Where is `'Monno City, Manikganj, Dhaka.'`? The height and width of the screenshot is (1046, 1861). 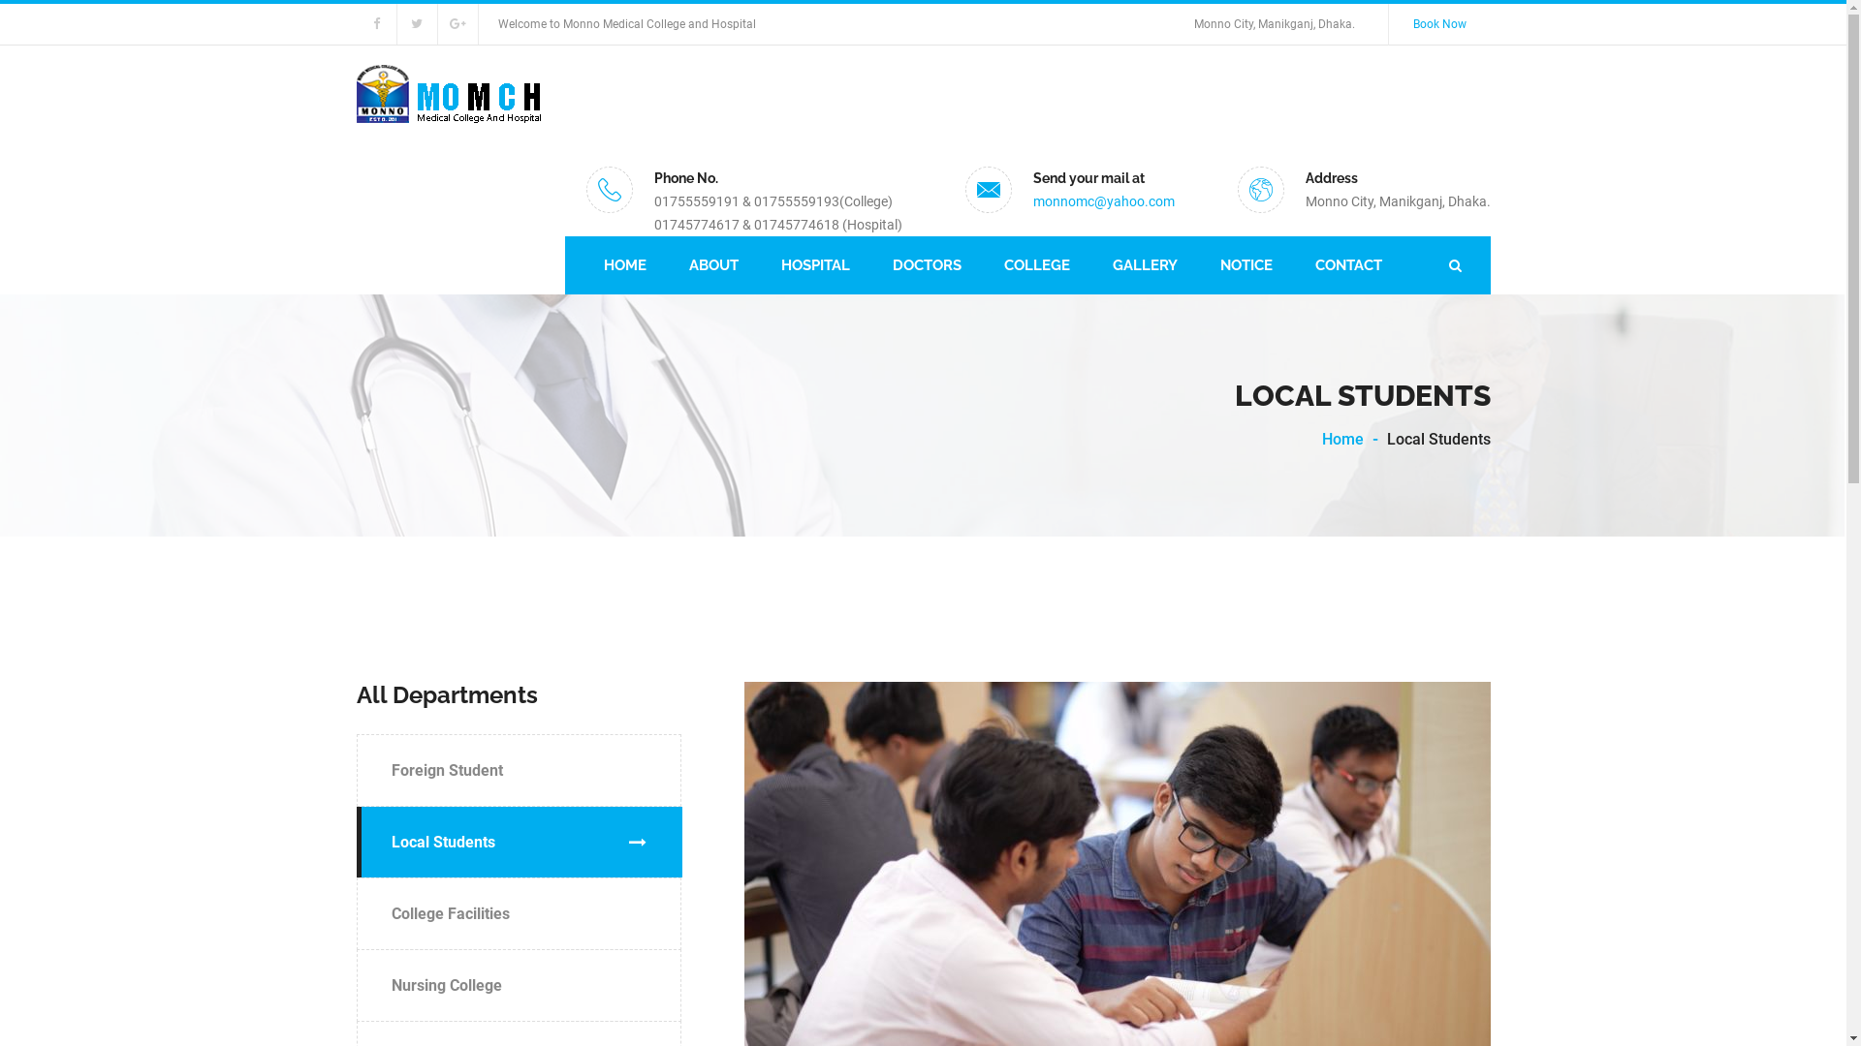
'Monno City, Manikganj, Dhaka.' is located at coordinates (1275, 24).